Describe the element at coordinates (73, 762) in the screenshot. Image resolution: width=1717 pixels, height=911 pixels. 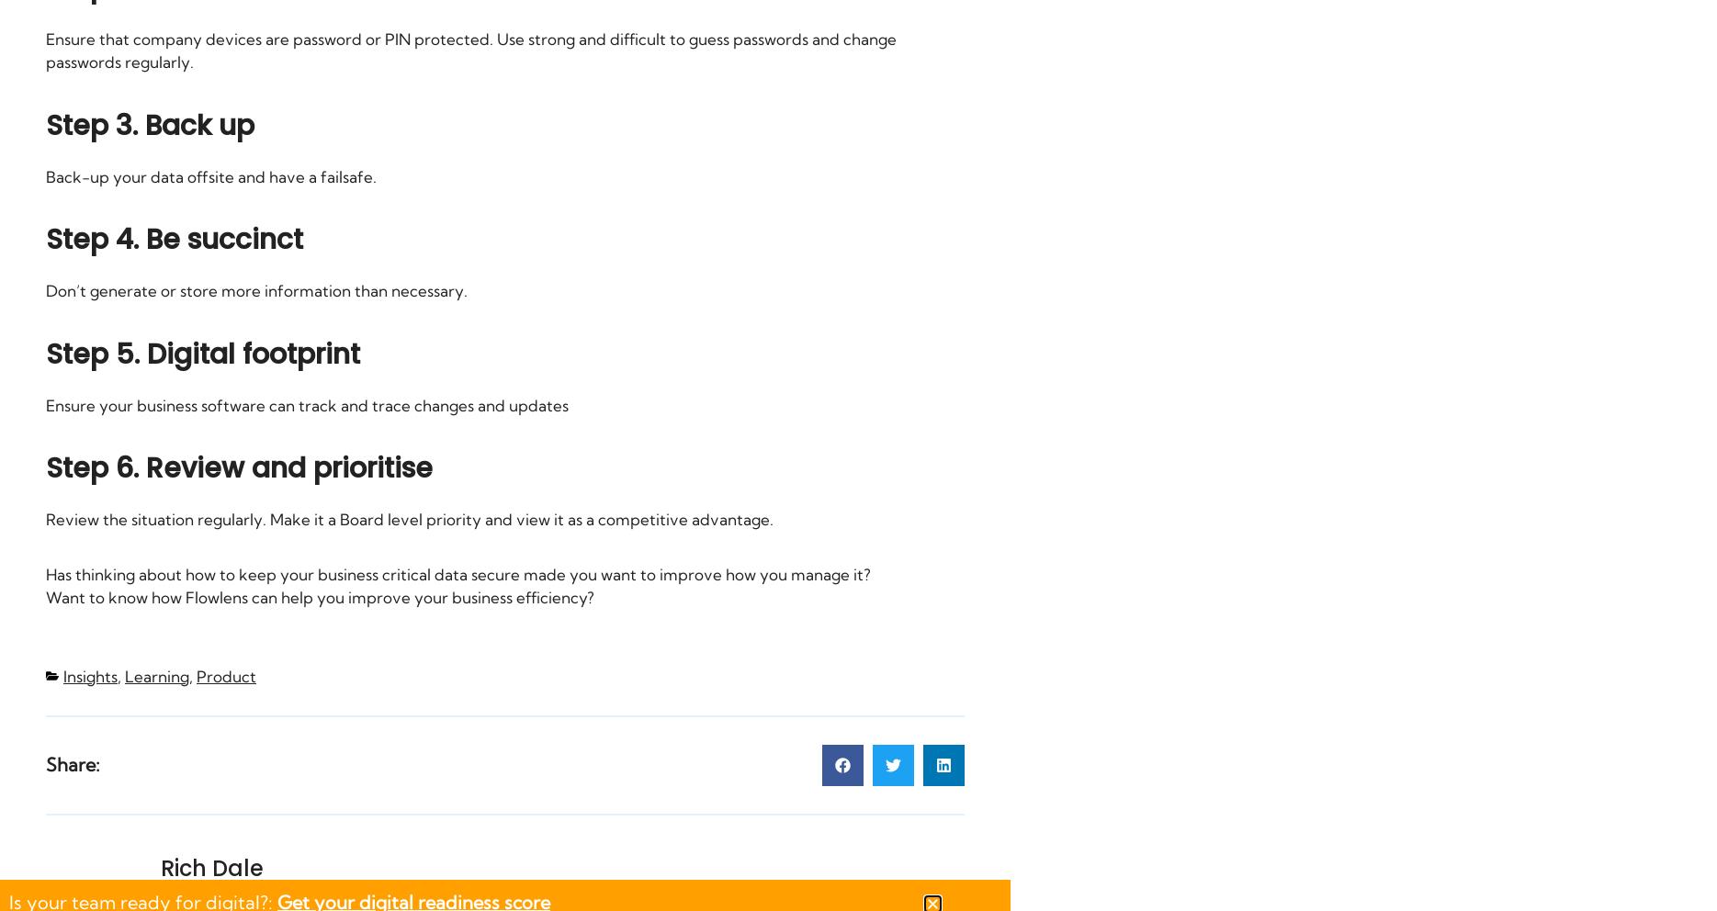
I see `'Share:'` at that location.